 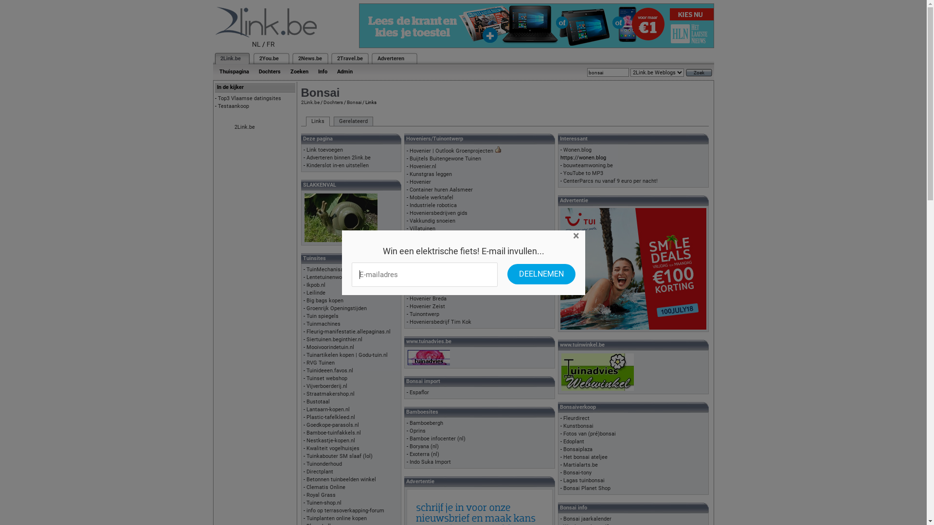 What do you see at coordinates (321, 495) in the screenshot?
I see `'Royal Grass'` at bounding box center [321, 495].